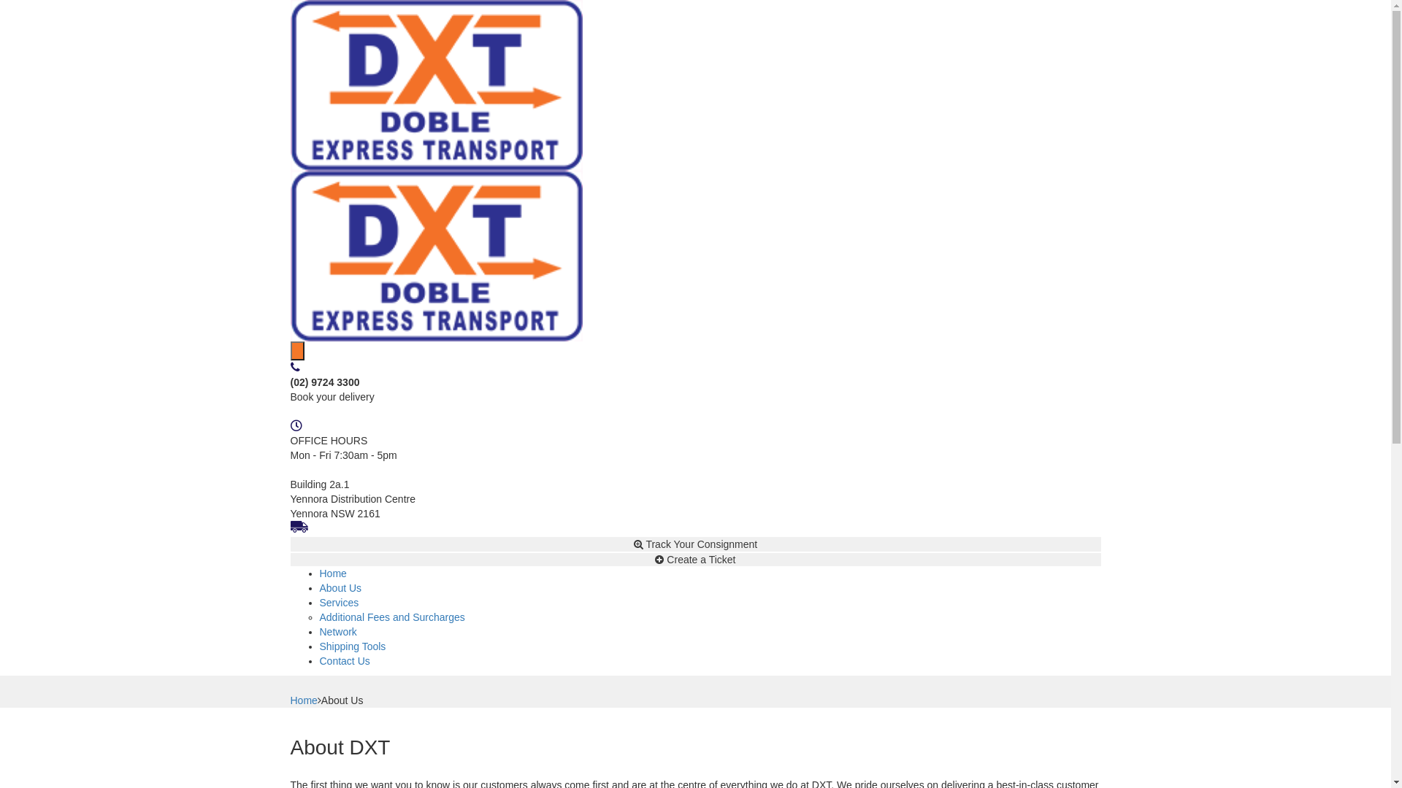 This screenshot has width=1402, height=788. I want to click on 'Home', so click(332, 573).